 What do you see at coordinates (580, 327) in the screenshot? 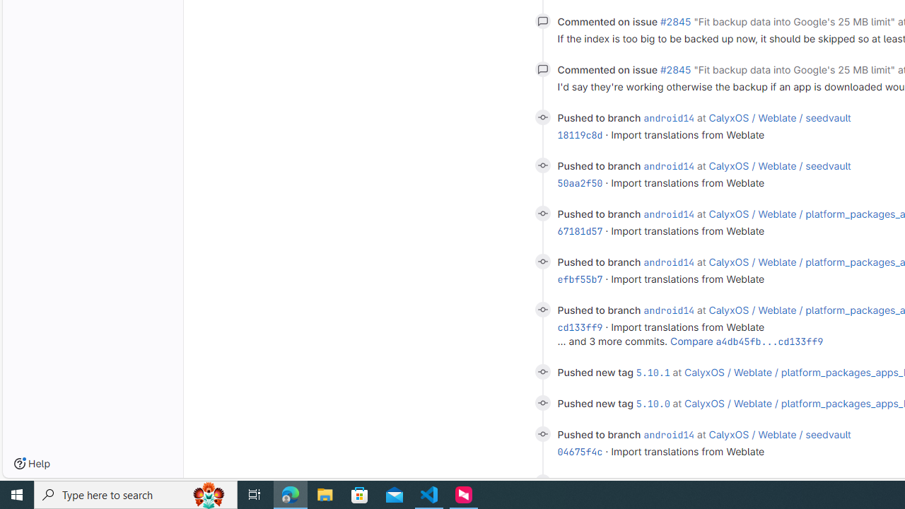
I see `'cd133ff9'` at bounding box center [580, 327].